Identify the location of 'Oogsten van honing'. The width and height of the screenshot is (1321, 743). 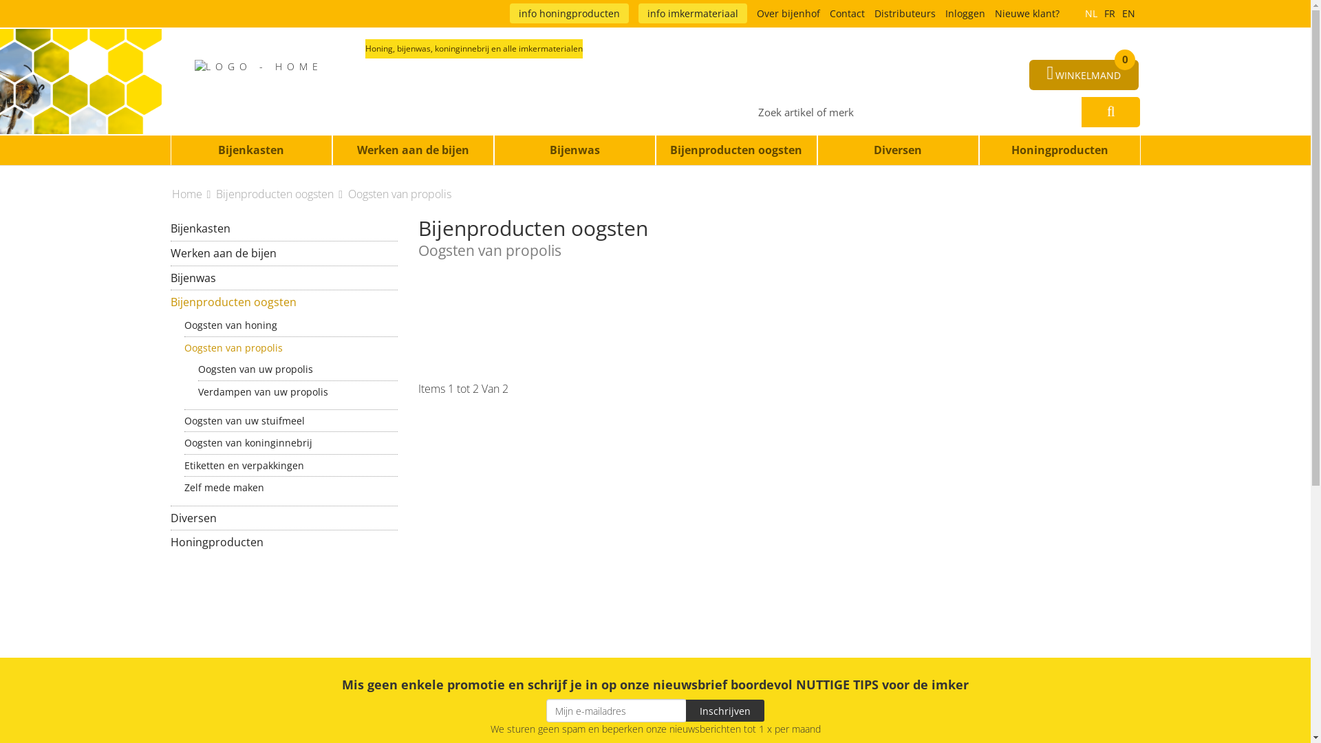
(290, 325).